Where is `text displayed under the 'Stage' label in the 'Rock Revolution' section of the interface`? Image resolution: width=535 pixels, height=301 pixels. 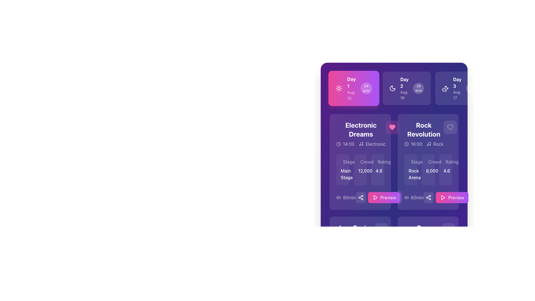
text displayed under the 'Stage' label in the 'Rock Revolution' section of the interface is located at coordinates (410, 169).